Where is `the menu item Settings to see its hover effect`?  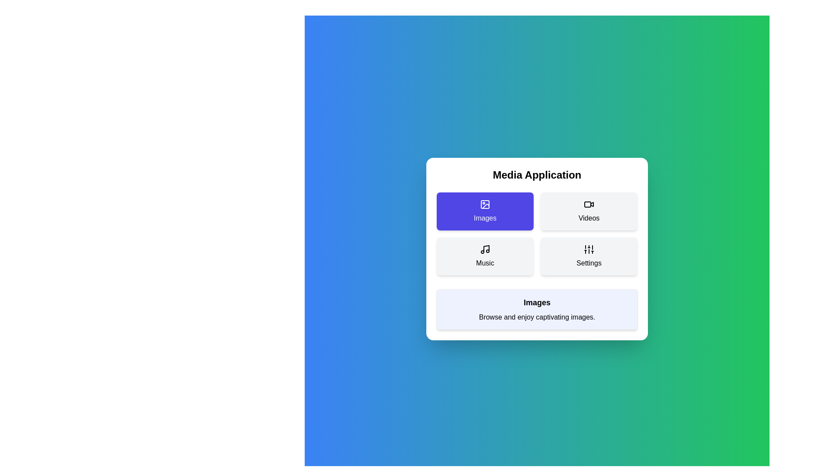 the menu item Settings to see its hover effect is located at coordinates (589, 256).